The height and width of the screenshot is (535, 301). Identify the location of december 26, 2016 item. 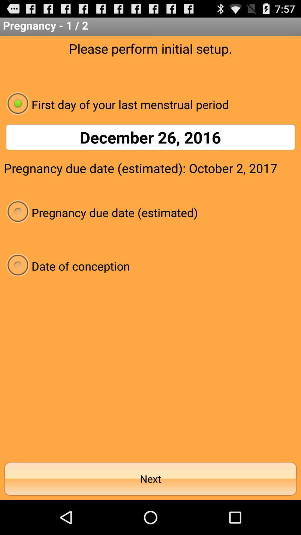
(151, 137).